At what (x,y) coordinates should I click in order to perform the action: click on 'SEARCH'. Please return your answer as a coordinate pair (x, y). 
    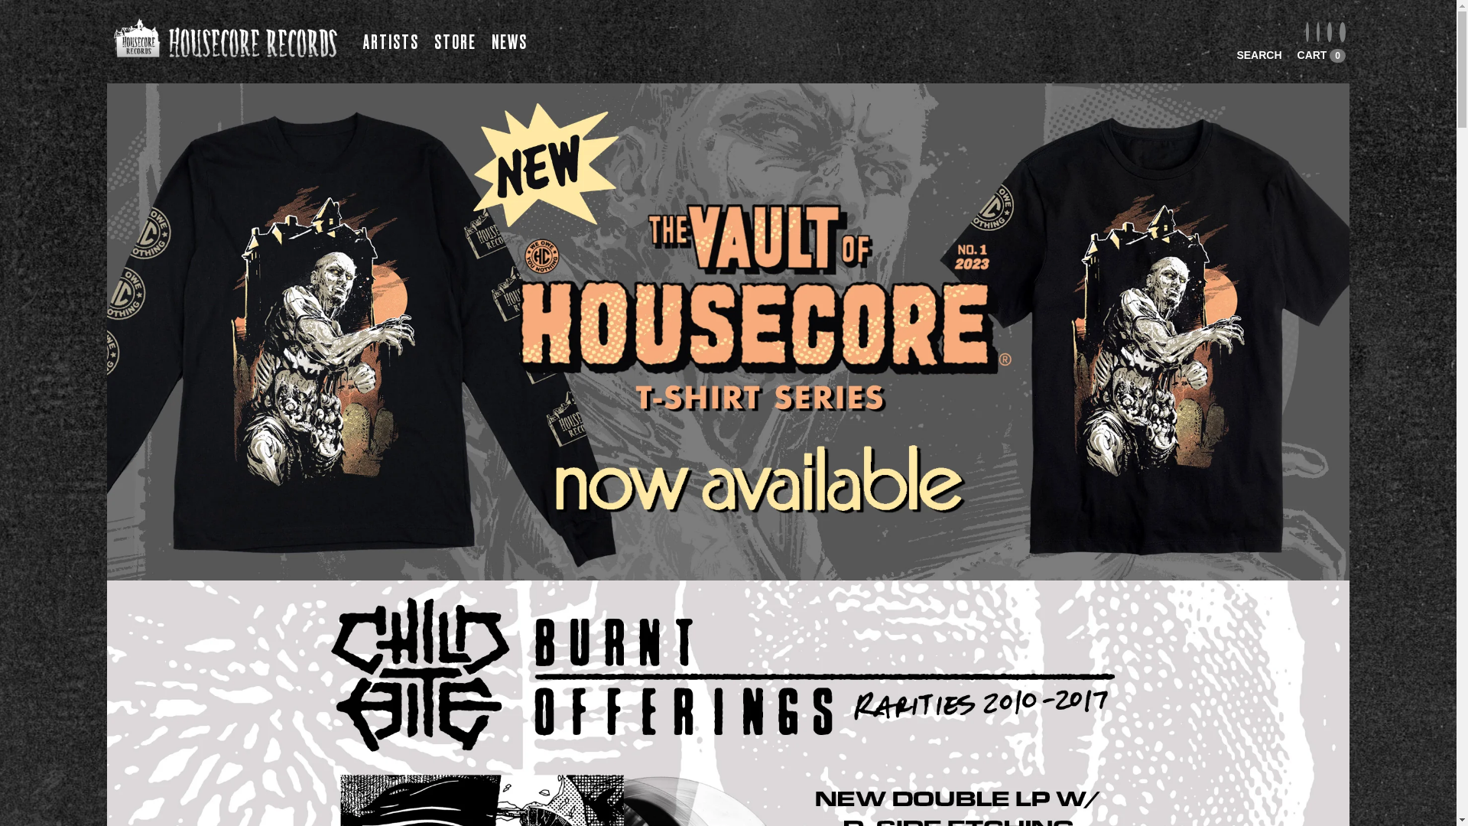
    Looking at the image, I should click on (1259, 54).